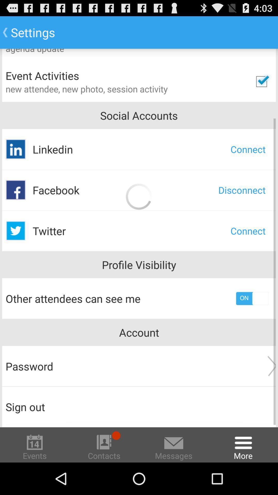 This screenshot has height=495, width=278. I want to click on on button, so click(252, 298).